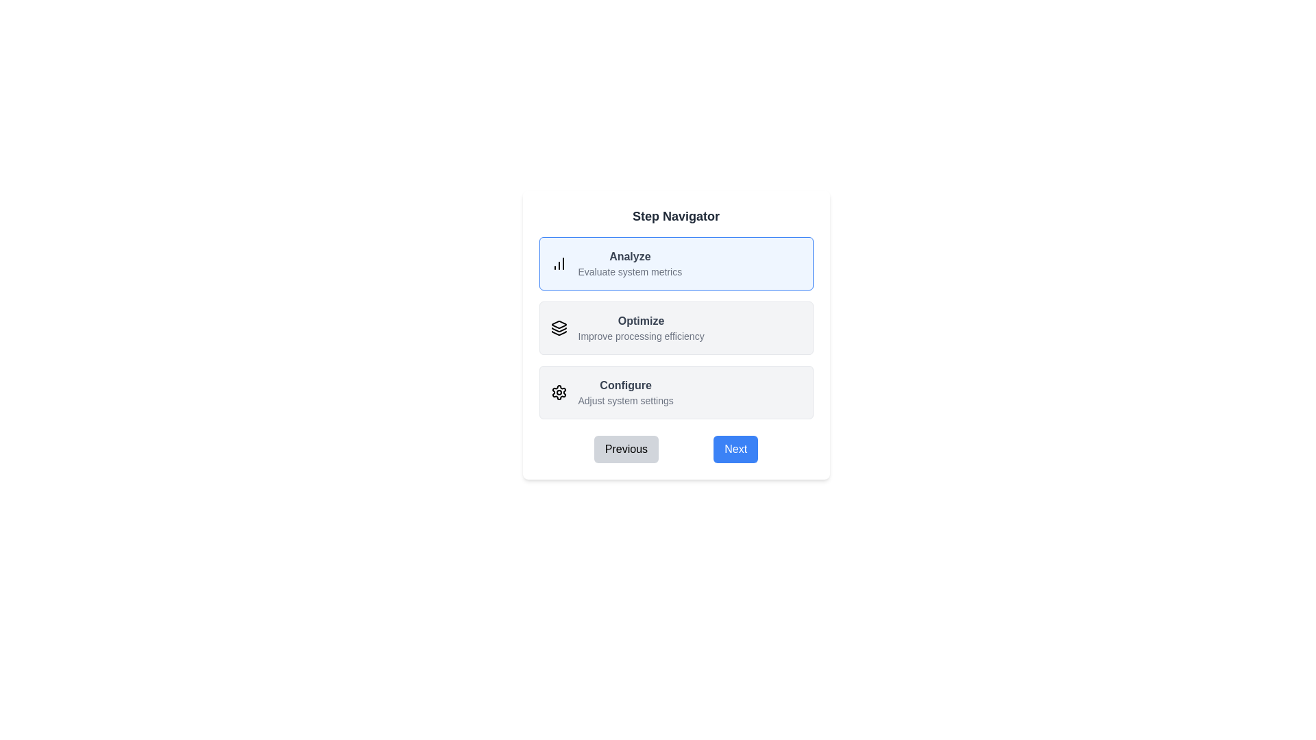  What do you see at coordinates (625, 401) in the screenshot?
I see `the descriptive text label for the 'Configure' step located in the 'Step Navigator' section, which provides additional context about this step in the process` at bounding box center [625, 401].